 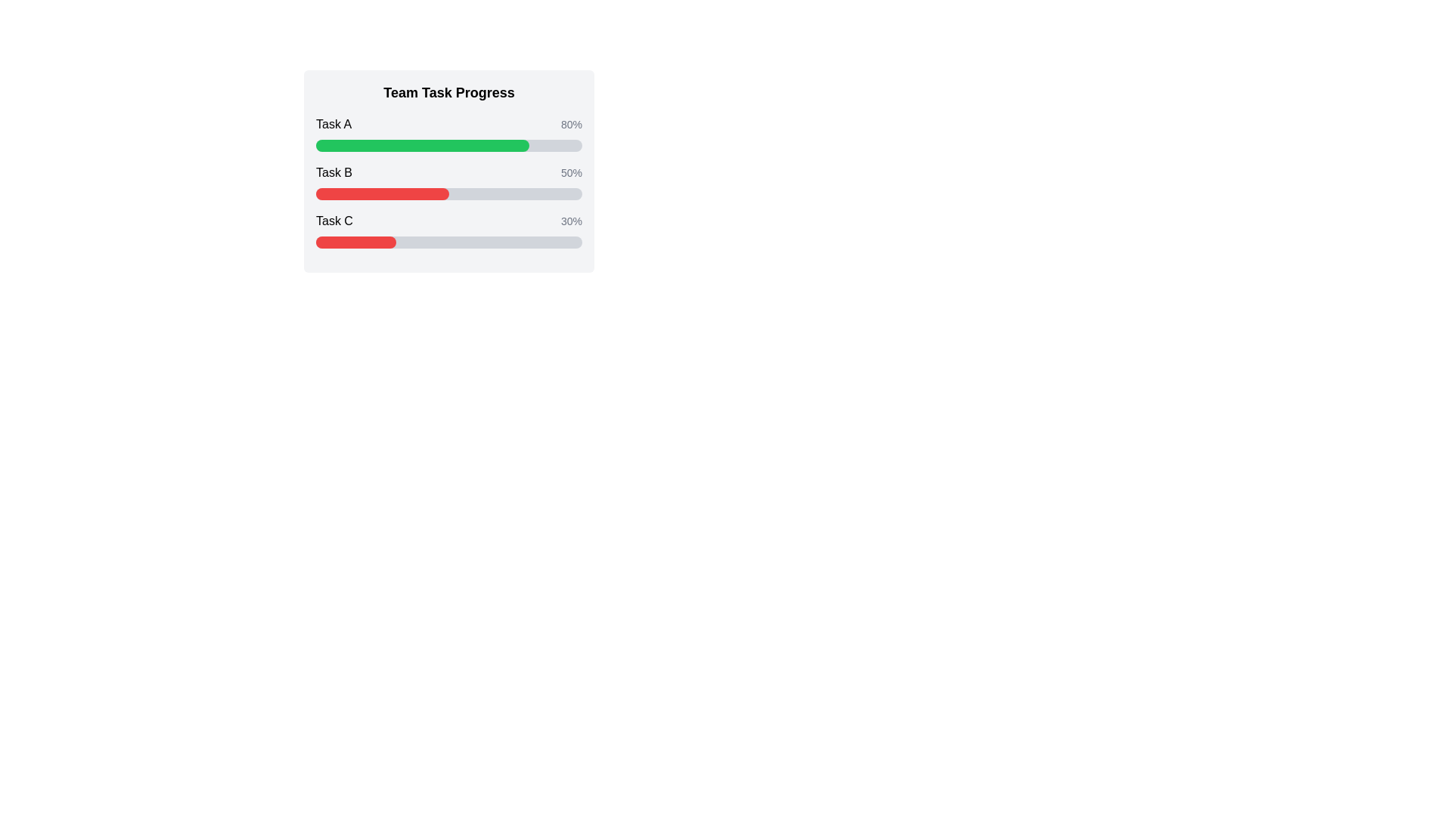 I want to click on the leftmost 30% segment of the progress bar representing 30% completion of Task C, so click(x=355, y=241).